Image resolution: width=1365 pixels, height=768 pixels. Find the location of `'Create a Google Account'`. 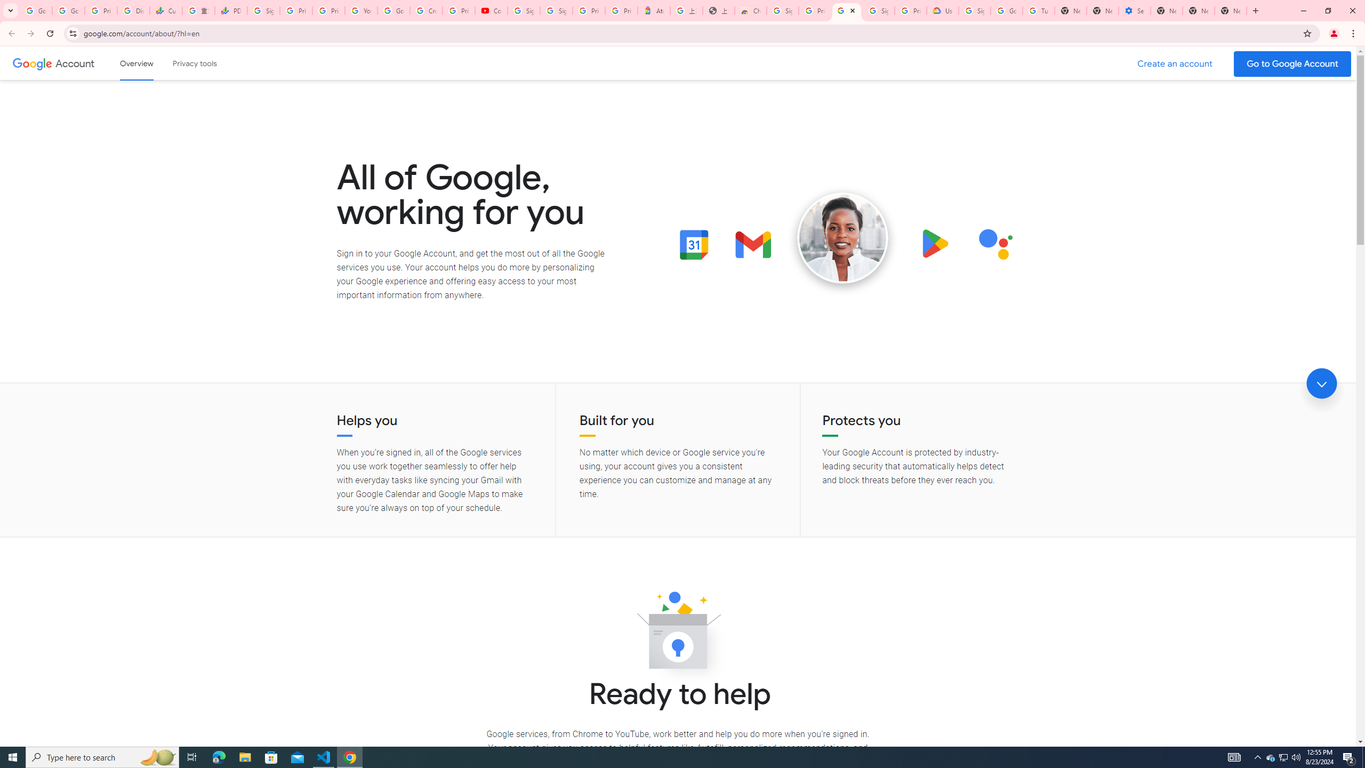

'Create a Google Account' is located at coordinates (1175, 63).